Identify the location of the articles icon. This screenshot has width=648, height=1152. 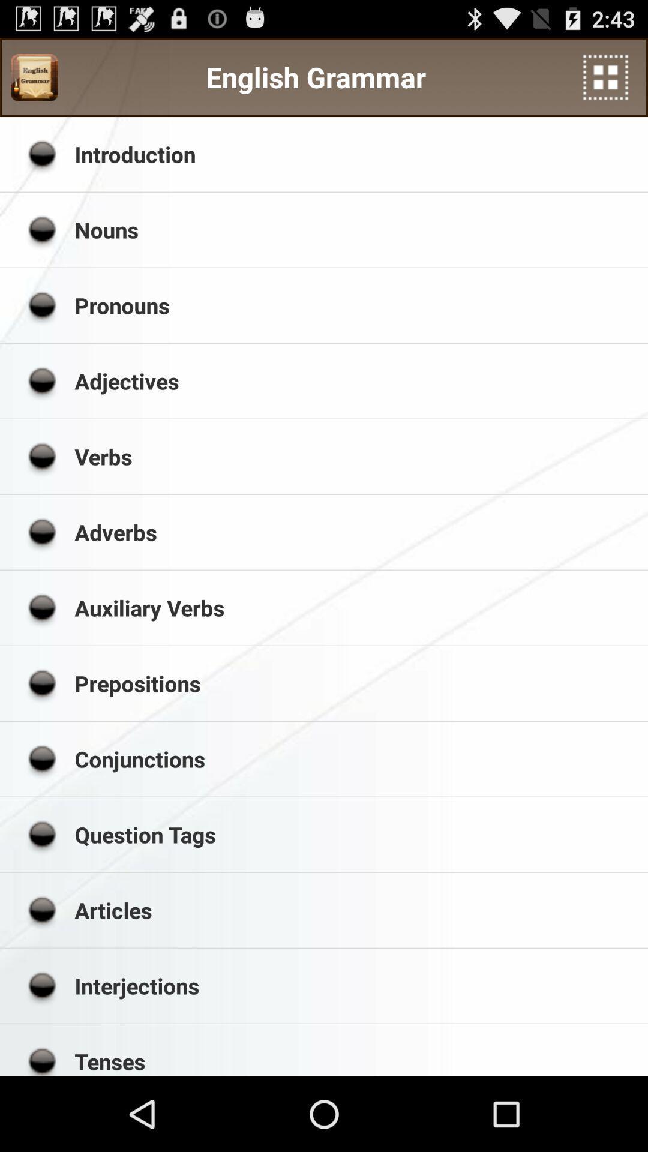
(356, 910).